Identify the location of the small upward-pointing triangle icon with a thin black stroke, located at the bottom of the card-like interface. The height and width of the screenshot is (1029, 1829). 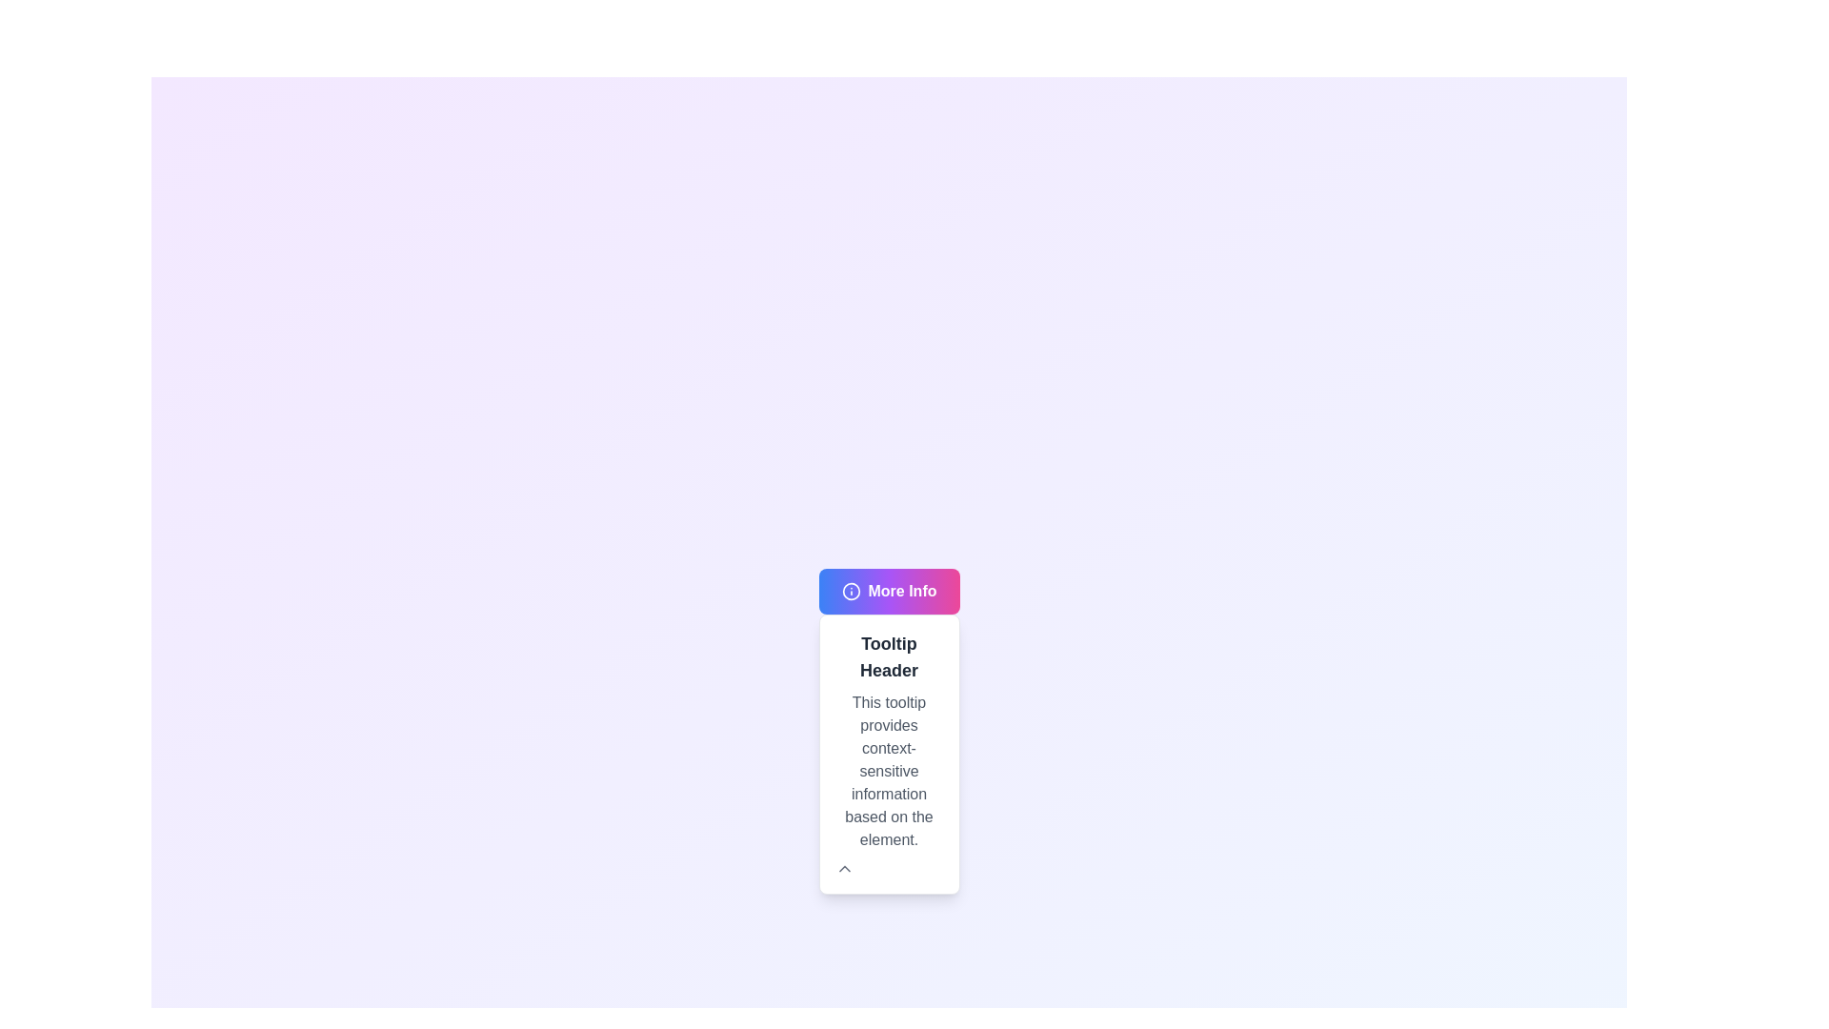
(843, 868).